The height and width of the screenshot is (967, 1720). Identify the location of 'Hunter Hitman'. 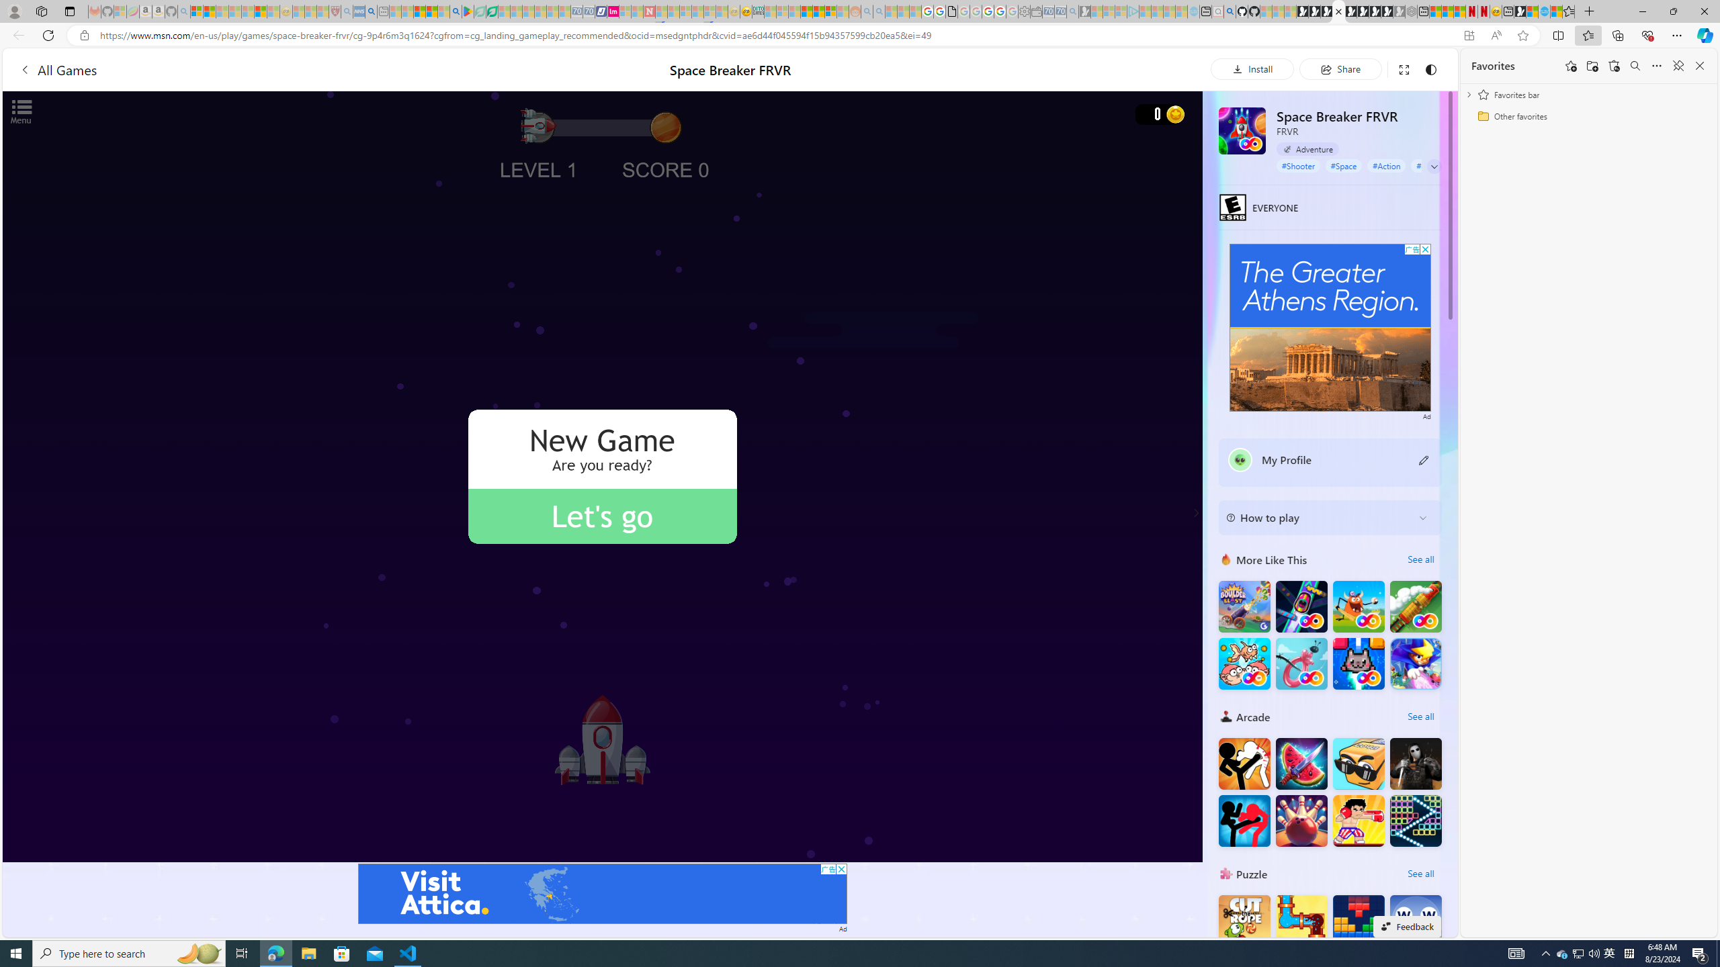
(1416, 762).